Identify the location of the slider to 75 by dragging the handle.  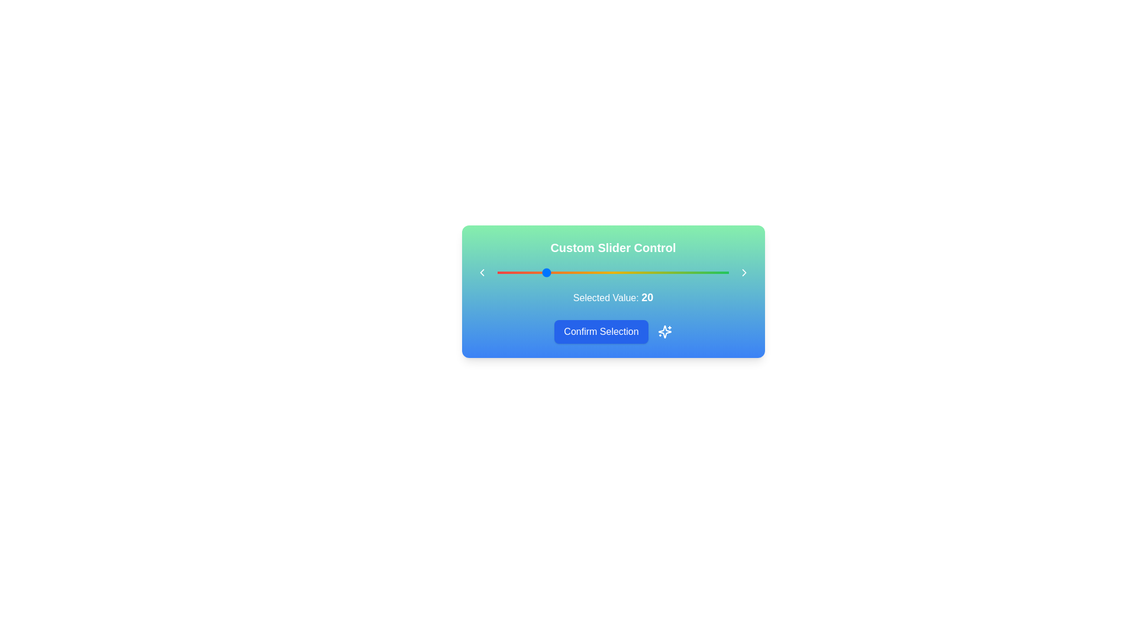
(671, 273).